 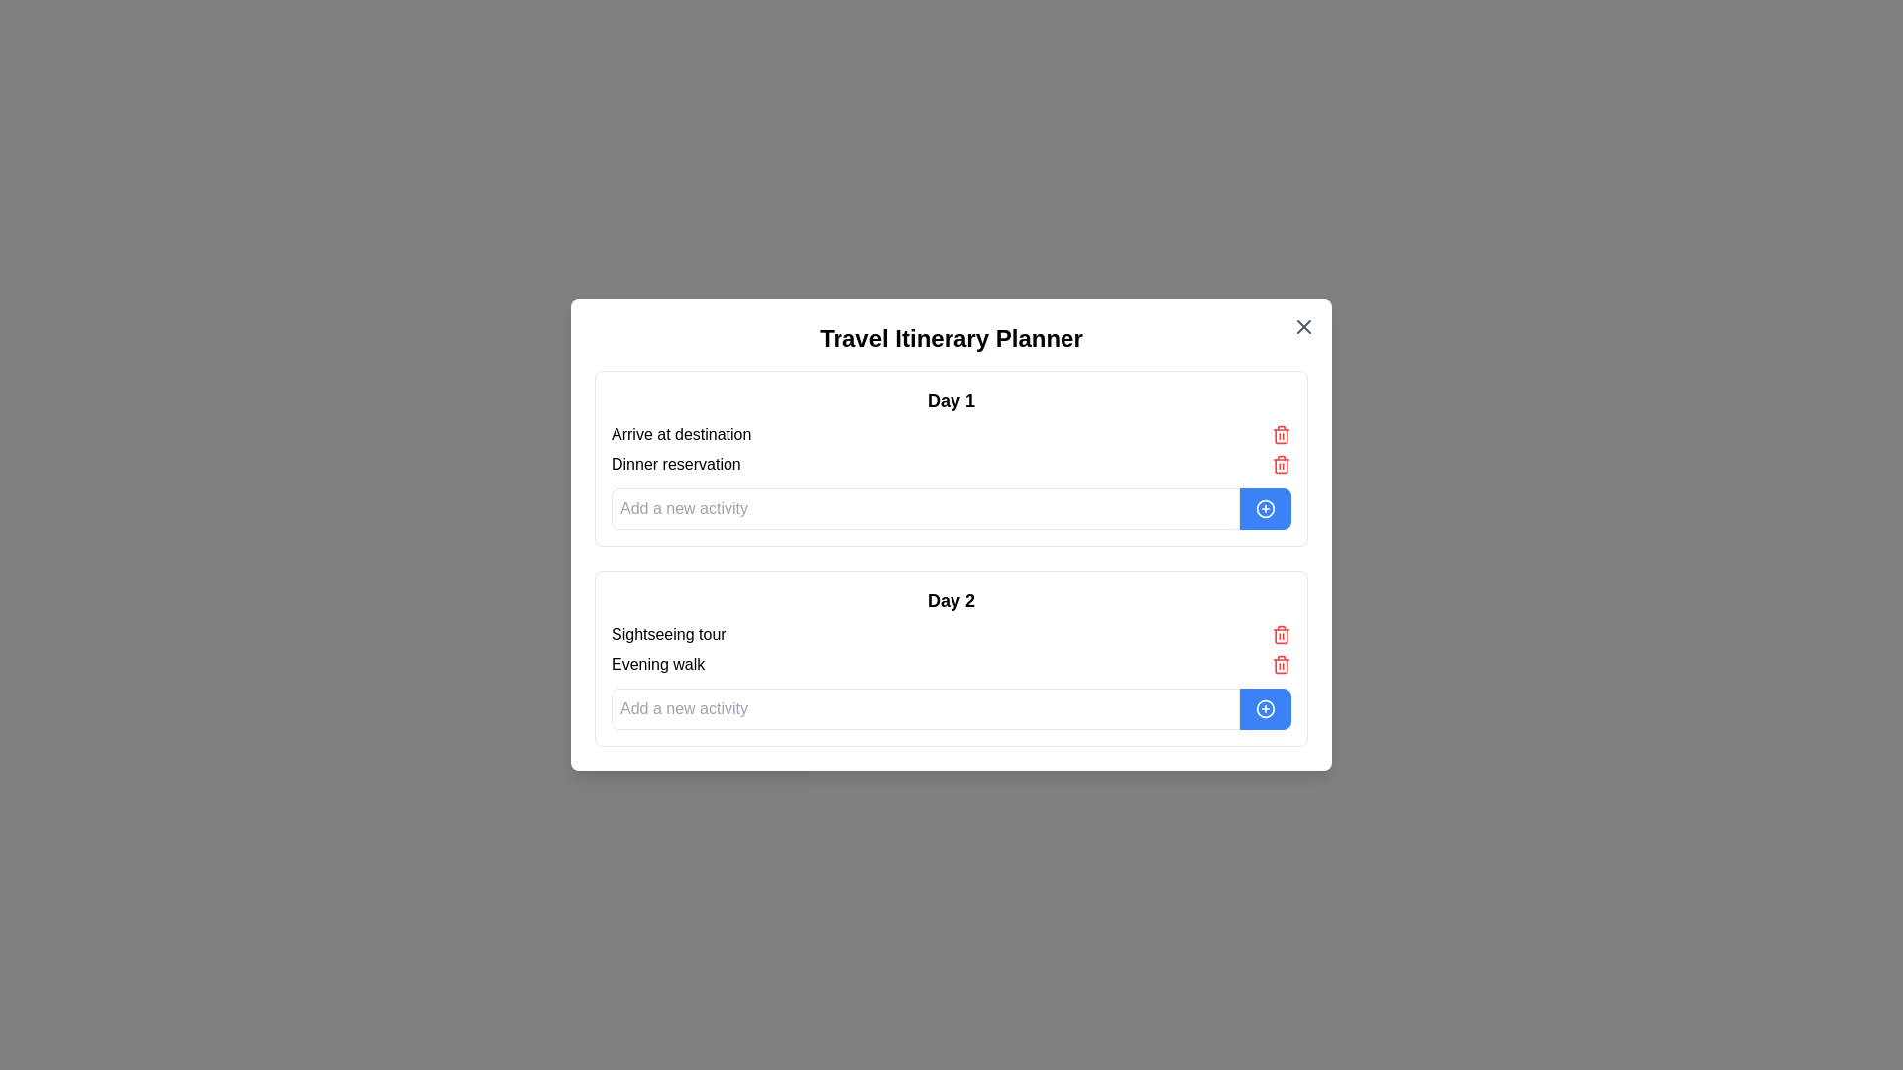 I want to click on the delete action button aligned to the right of the 'Arrive at destination' activity on Day 1 in the travel itinerary planner, so click(x=1281, y=434).